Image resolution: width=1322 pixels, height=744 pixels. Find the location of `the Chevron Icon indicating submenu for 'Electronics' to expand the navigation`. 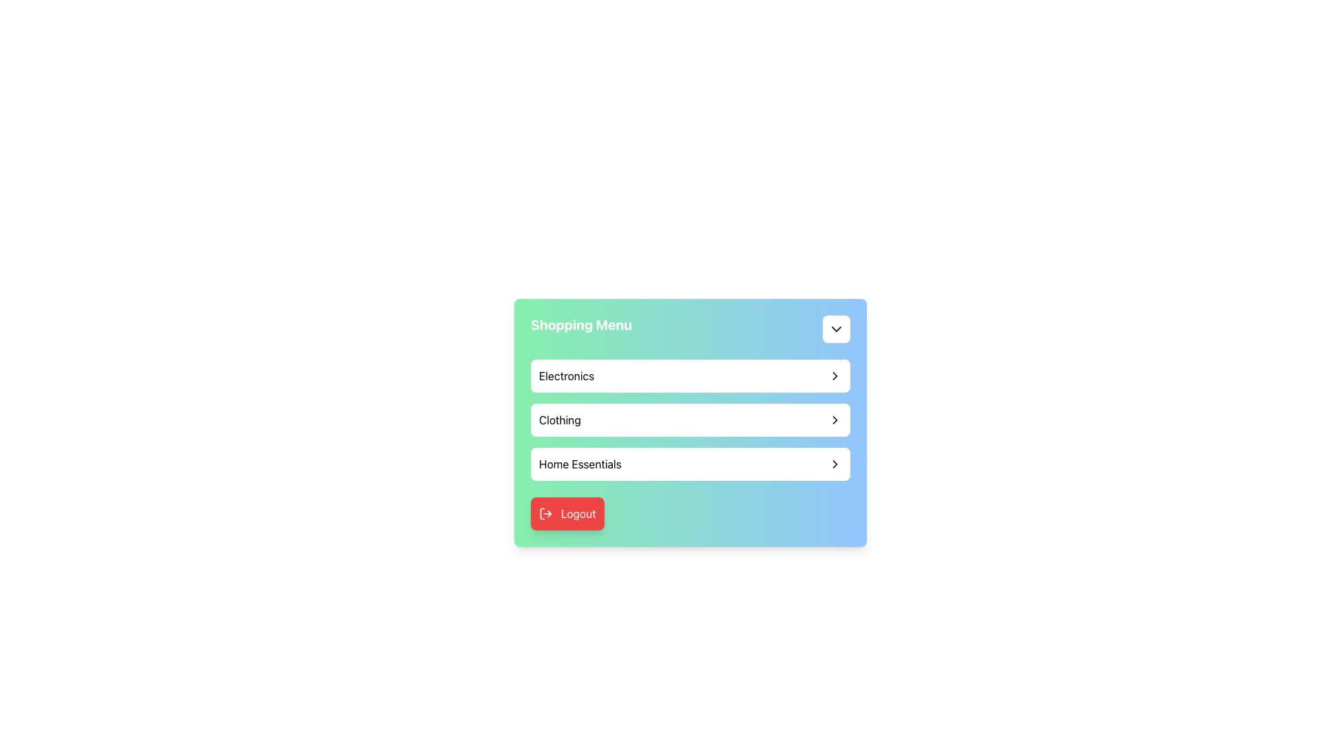

the Chevron Icon indicating submenu for 'Electronics' to expand the navigation is located at coordinates (835, 376).